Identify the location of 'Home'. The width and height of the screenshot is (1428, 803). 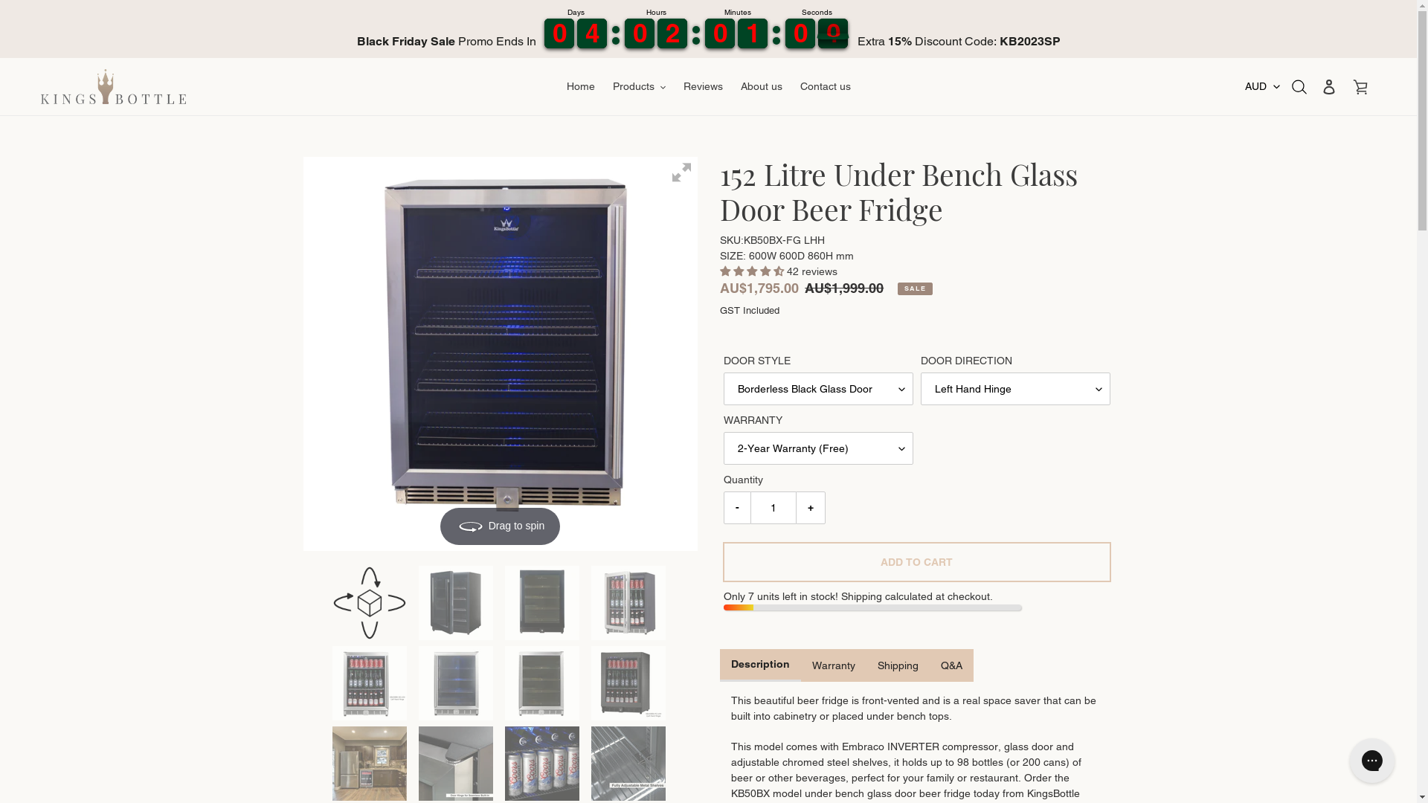
(580, 86).